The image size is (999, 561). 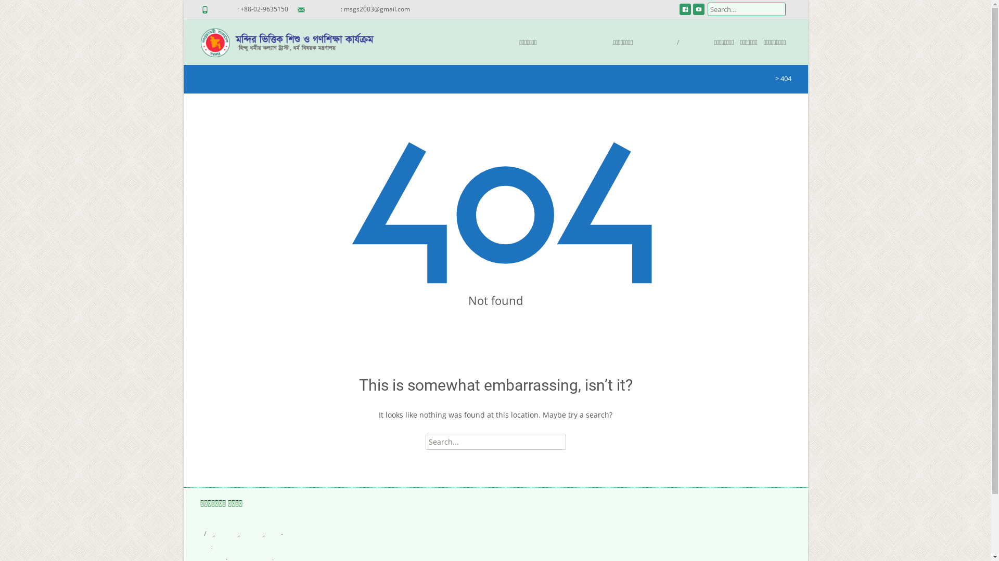 I want to click on 'youtube', so click(x=699, y=12).